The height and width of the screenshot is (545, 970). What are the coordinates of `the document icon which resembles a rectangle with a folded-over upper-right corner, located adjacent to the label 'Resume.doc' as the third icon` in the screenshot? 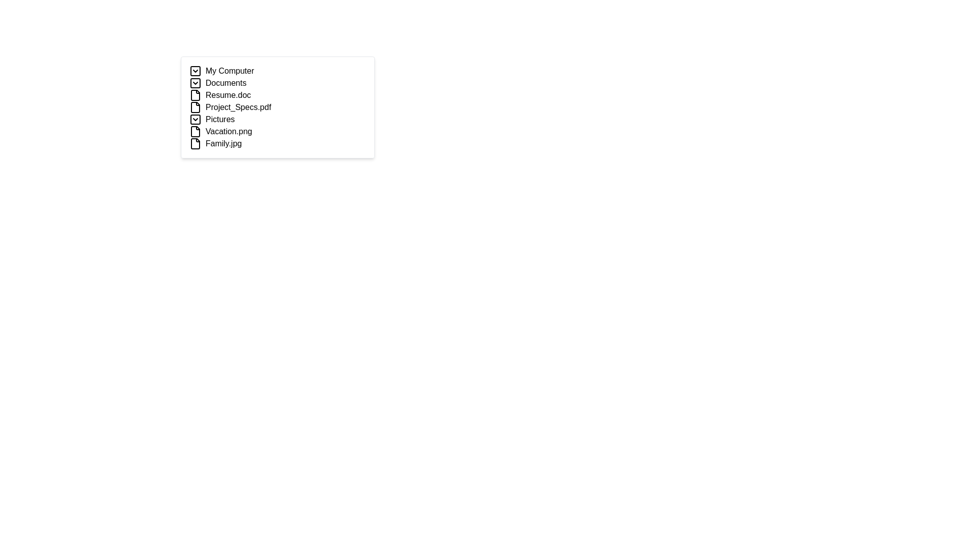 It's located at (196, 95).